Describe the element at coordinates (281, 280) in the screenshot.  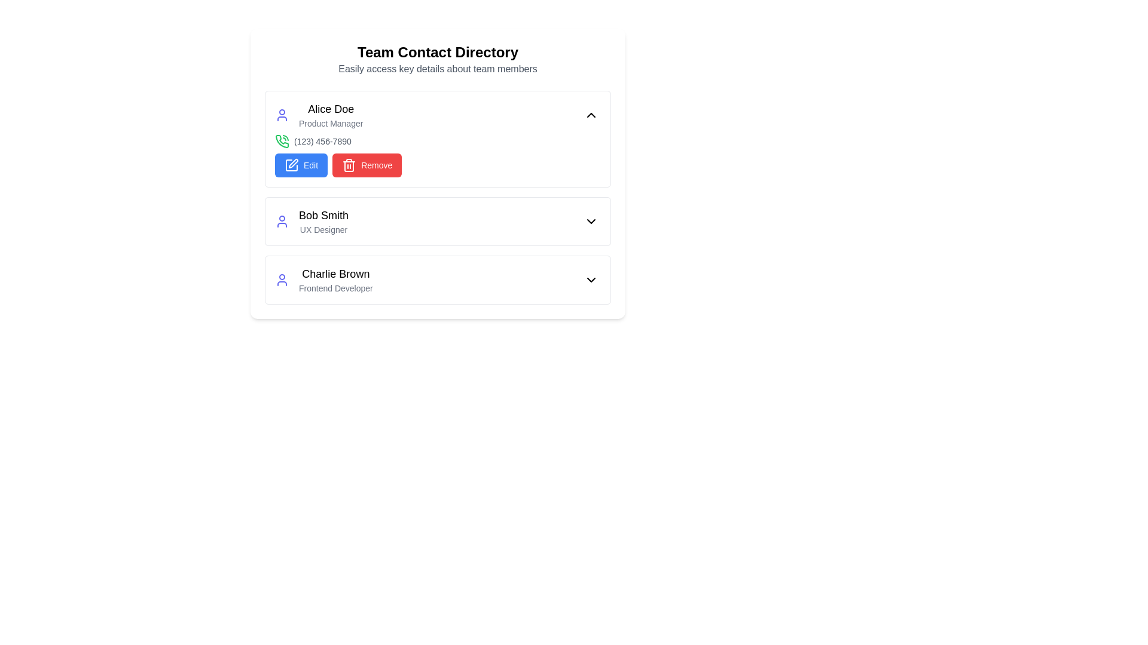
I see `the user profile icon located to the left of the text 'Charlie Brown' and above the designation 'Frontend Developer'` at that location.